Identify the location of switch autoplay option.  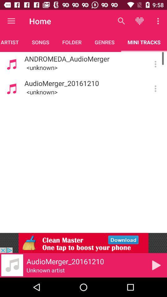
(155, 88).